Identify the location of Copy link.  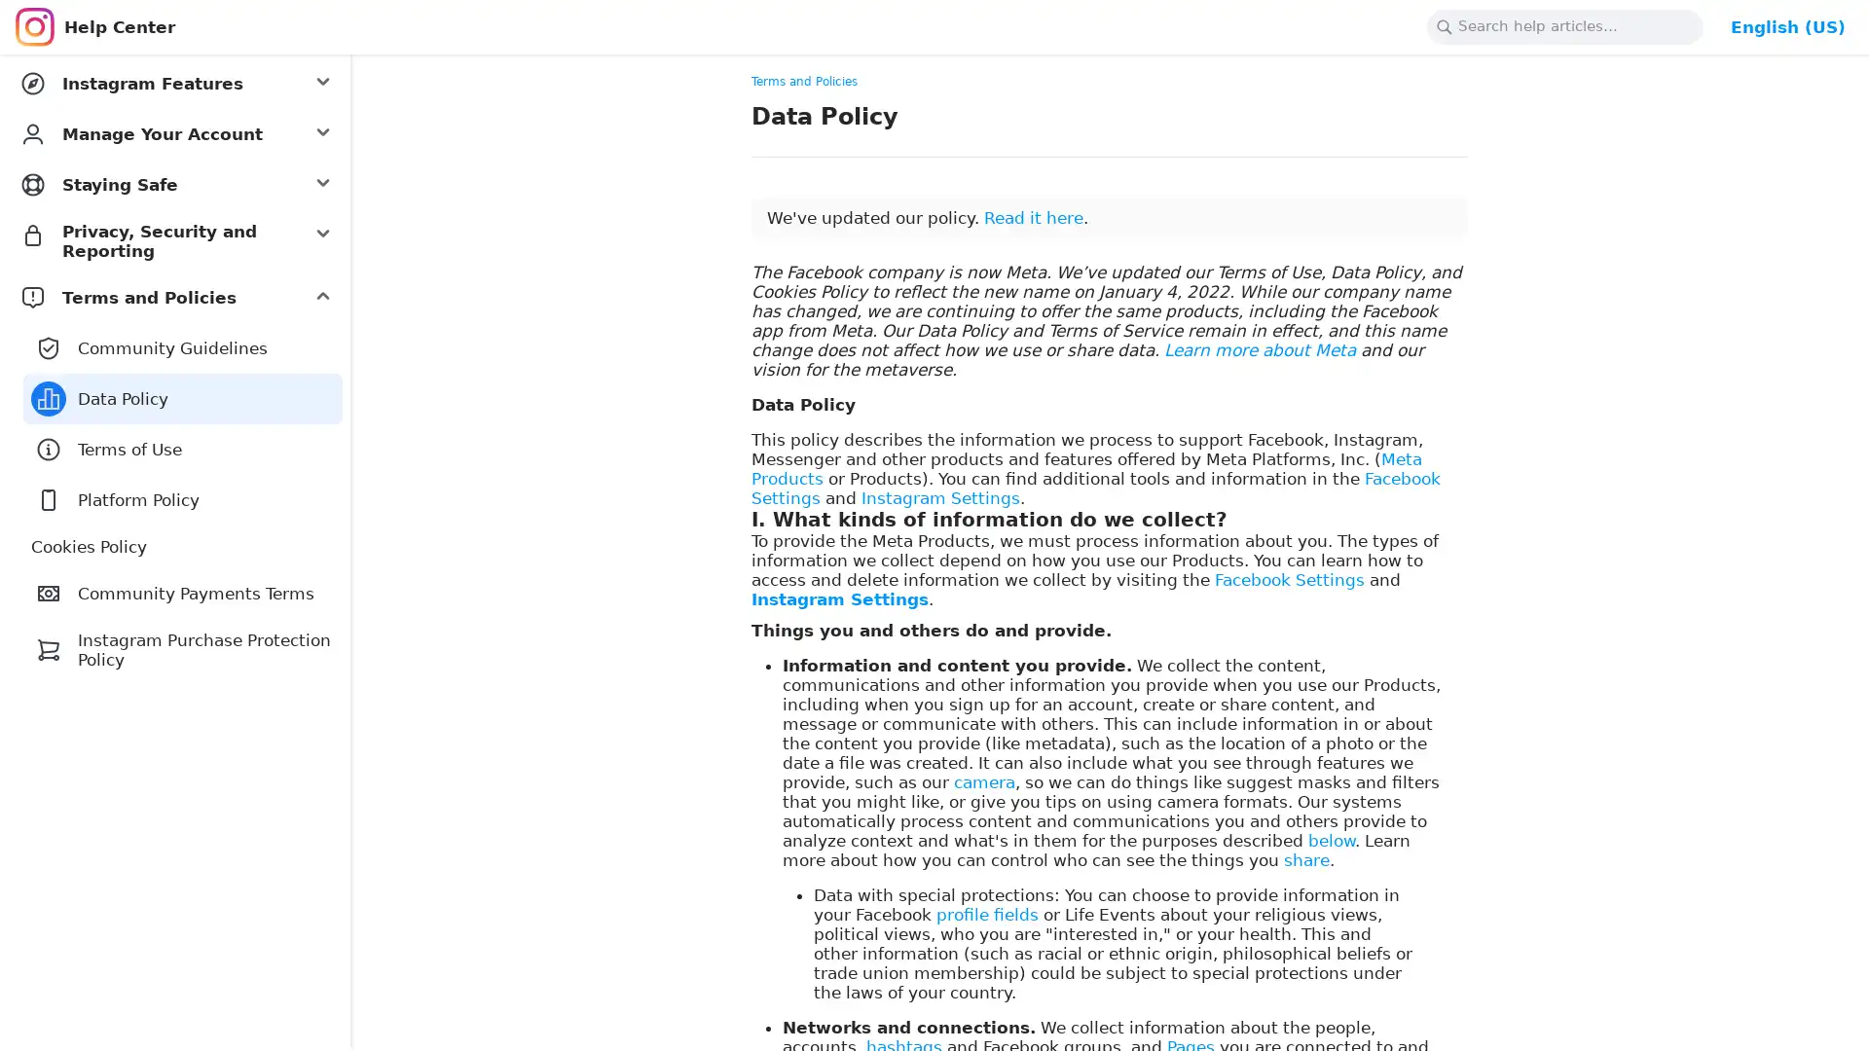
(812, 157).